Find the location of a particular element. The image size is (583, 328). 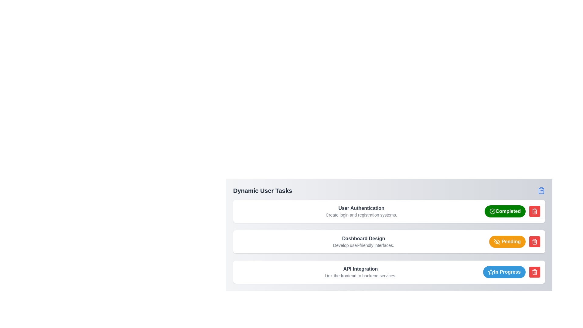

the second Task Card in the task management interface, which is located between 'User Authentication' and 'API Integration' is located at coordinates (389, 241).